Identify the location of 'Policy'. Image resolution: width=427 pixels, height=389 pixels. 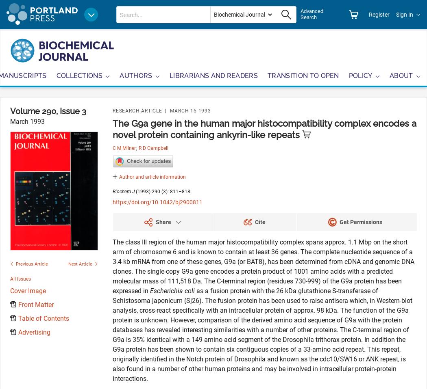
(359, 75).